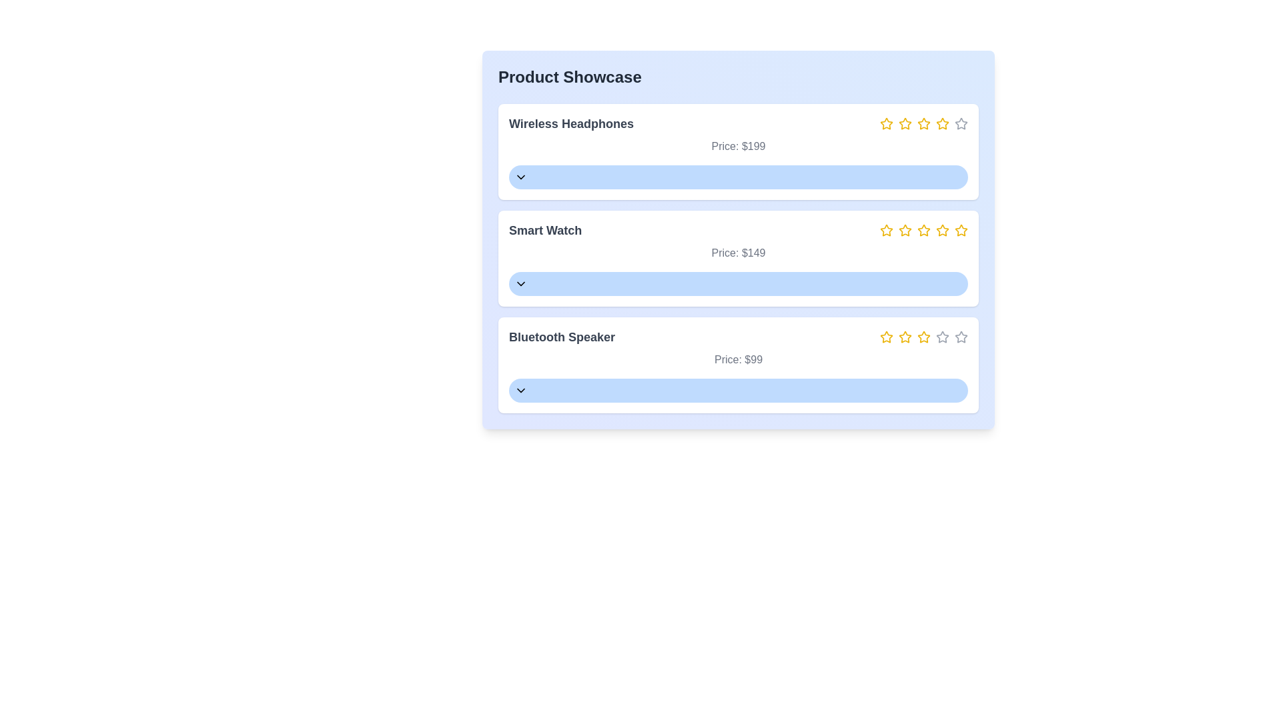 The width and height of the screenshot is (1281, 720). I want to click on the first interactive star icon for rating, so click(886, 123).